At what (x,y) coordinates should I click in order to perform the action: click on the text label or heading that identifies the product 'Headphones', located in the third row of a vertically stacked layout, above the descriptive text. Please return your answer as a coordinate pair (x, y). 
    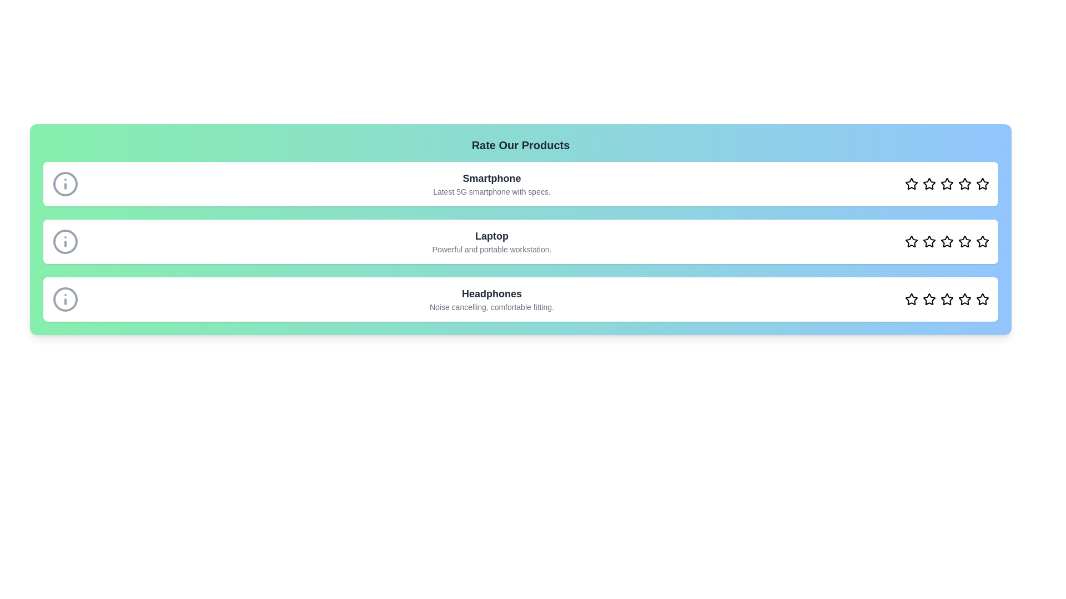
    Looking at the image, I should click on (491, 293).